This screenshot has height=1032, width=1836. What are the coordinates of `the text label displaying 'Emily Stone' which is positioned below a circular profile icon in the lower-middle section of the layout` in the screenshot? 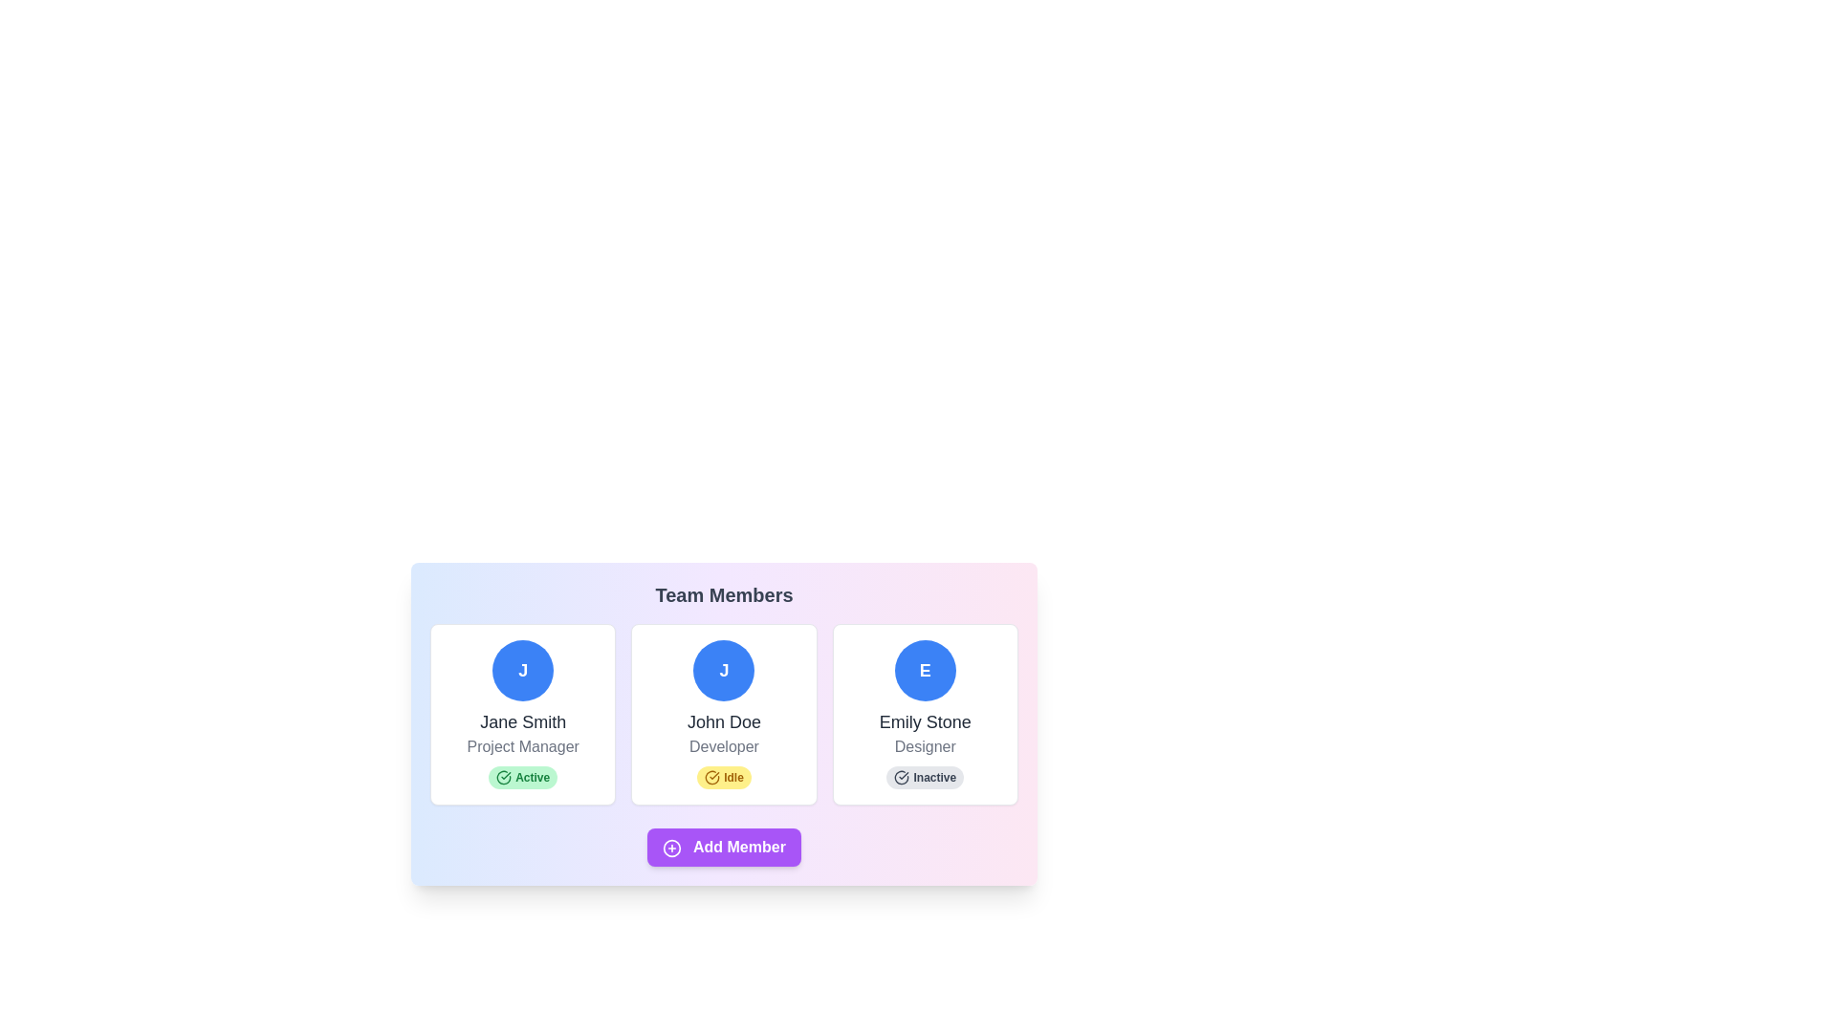 It's located at (925, 722).